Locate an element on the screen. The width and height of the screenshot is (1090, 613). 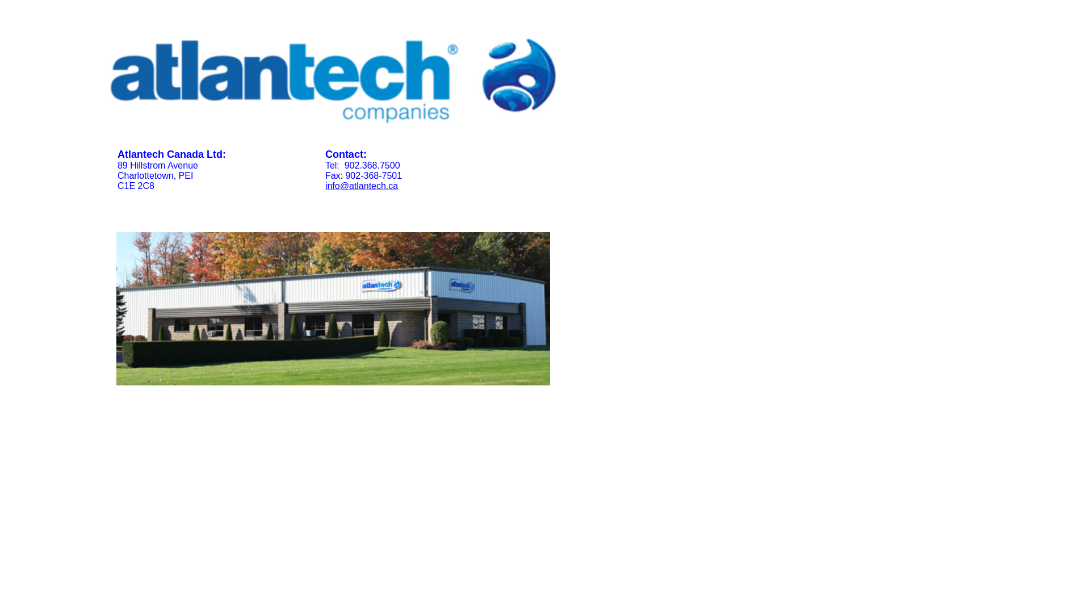
'info@atlantech.ca' is located at coordinates (361, 185).